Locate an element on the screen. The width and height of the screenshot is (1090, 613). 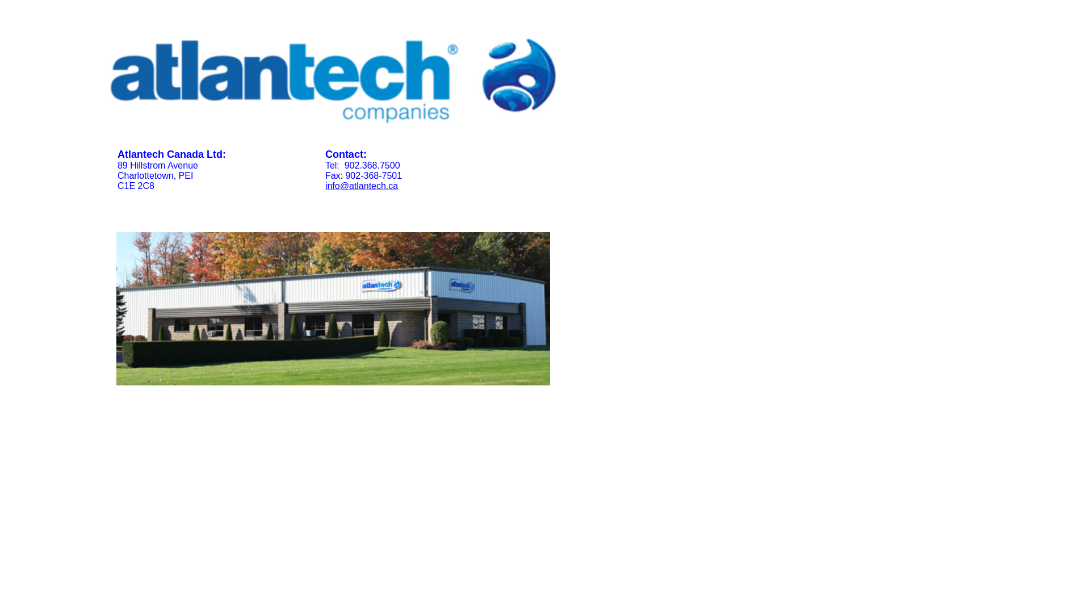
'info@atlantech.ca' is located at coordinates (361, 185).